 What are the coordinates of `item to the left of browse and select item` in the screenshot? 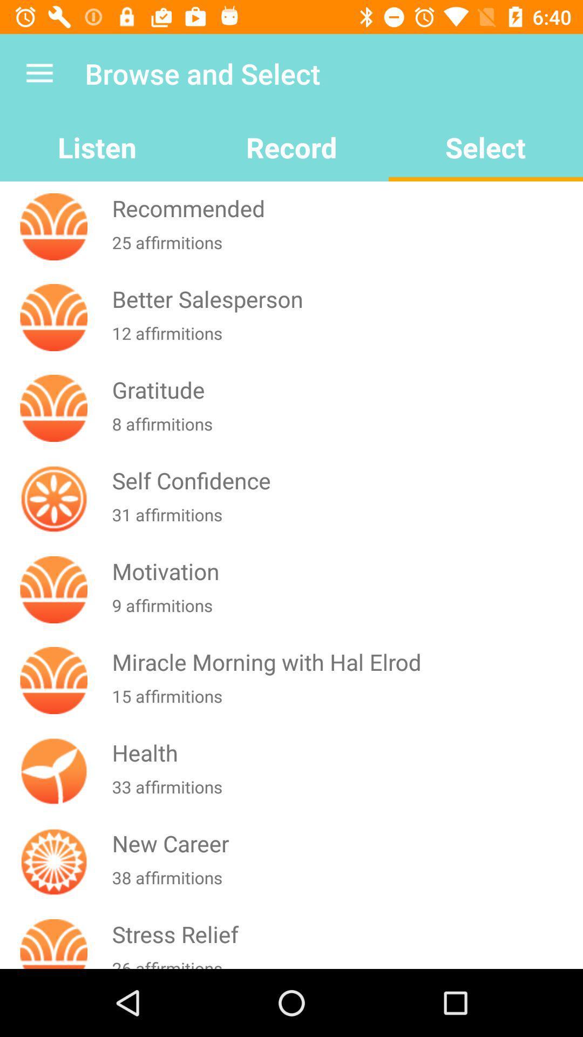 It's located at (39, 73).